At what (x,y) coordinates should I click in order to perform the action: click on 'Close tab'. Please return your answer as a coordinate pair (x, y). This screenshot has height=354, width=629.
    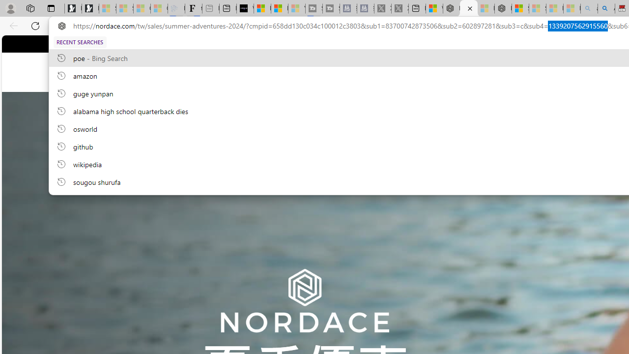
    Looking at the image, I should click on (469, 8).